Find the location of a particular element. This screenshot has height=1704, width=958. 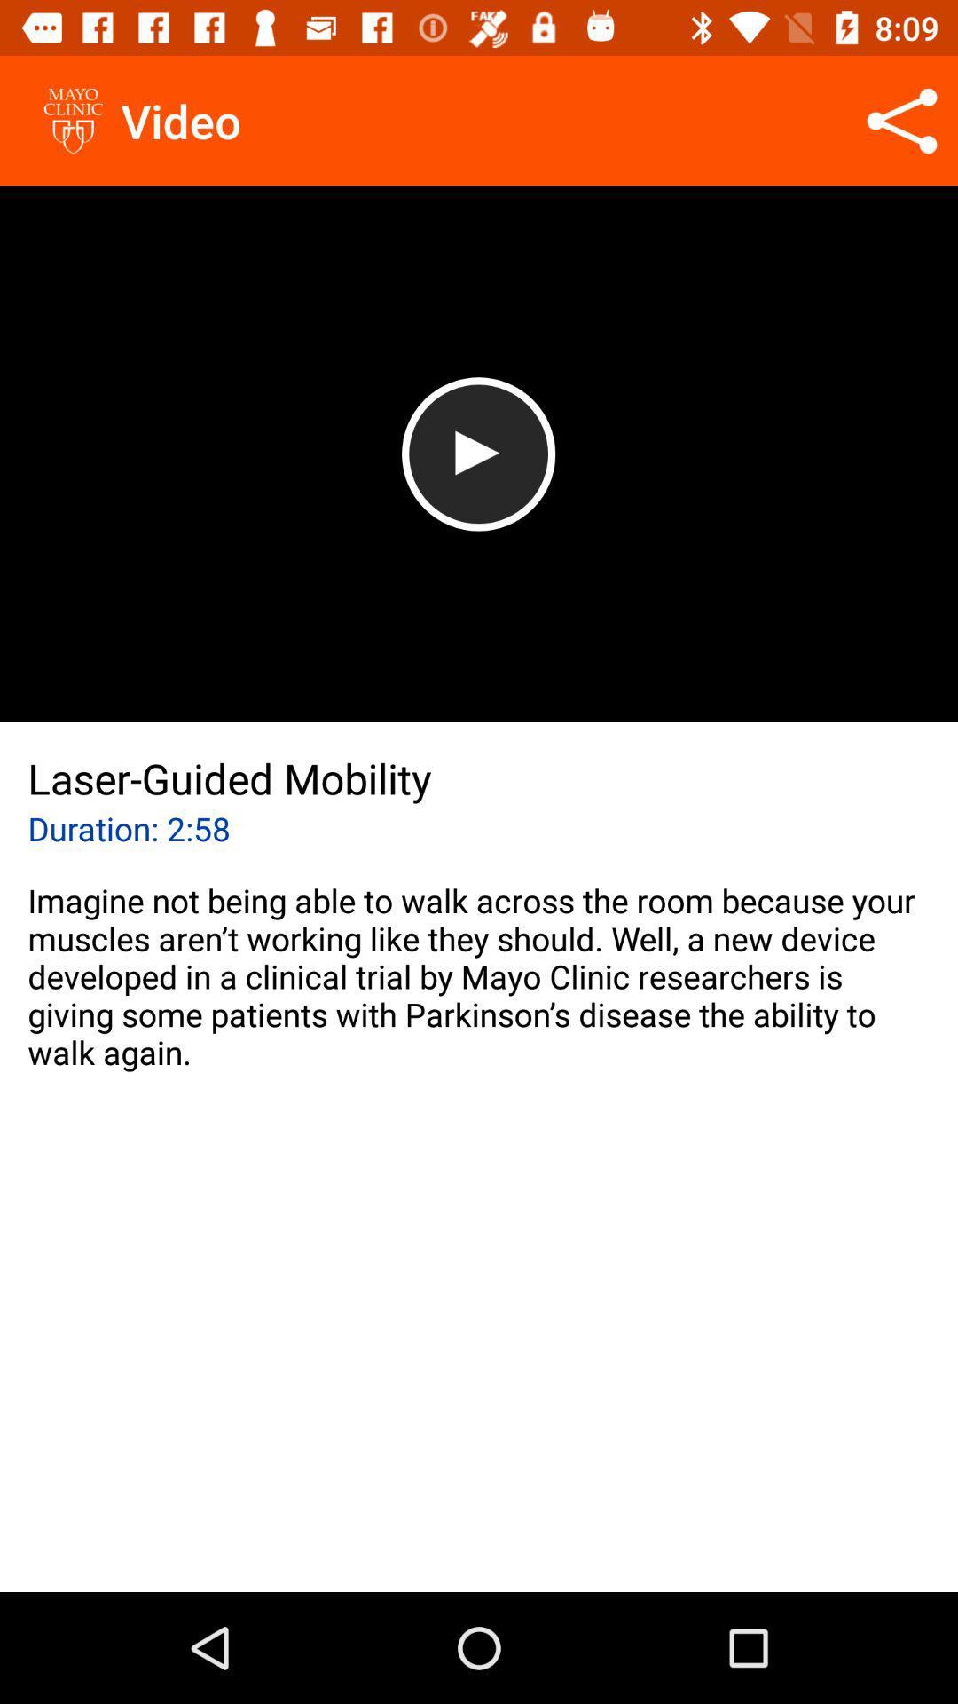

video is located at coordinates (477, 454).